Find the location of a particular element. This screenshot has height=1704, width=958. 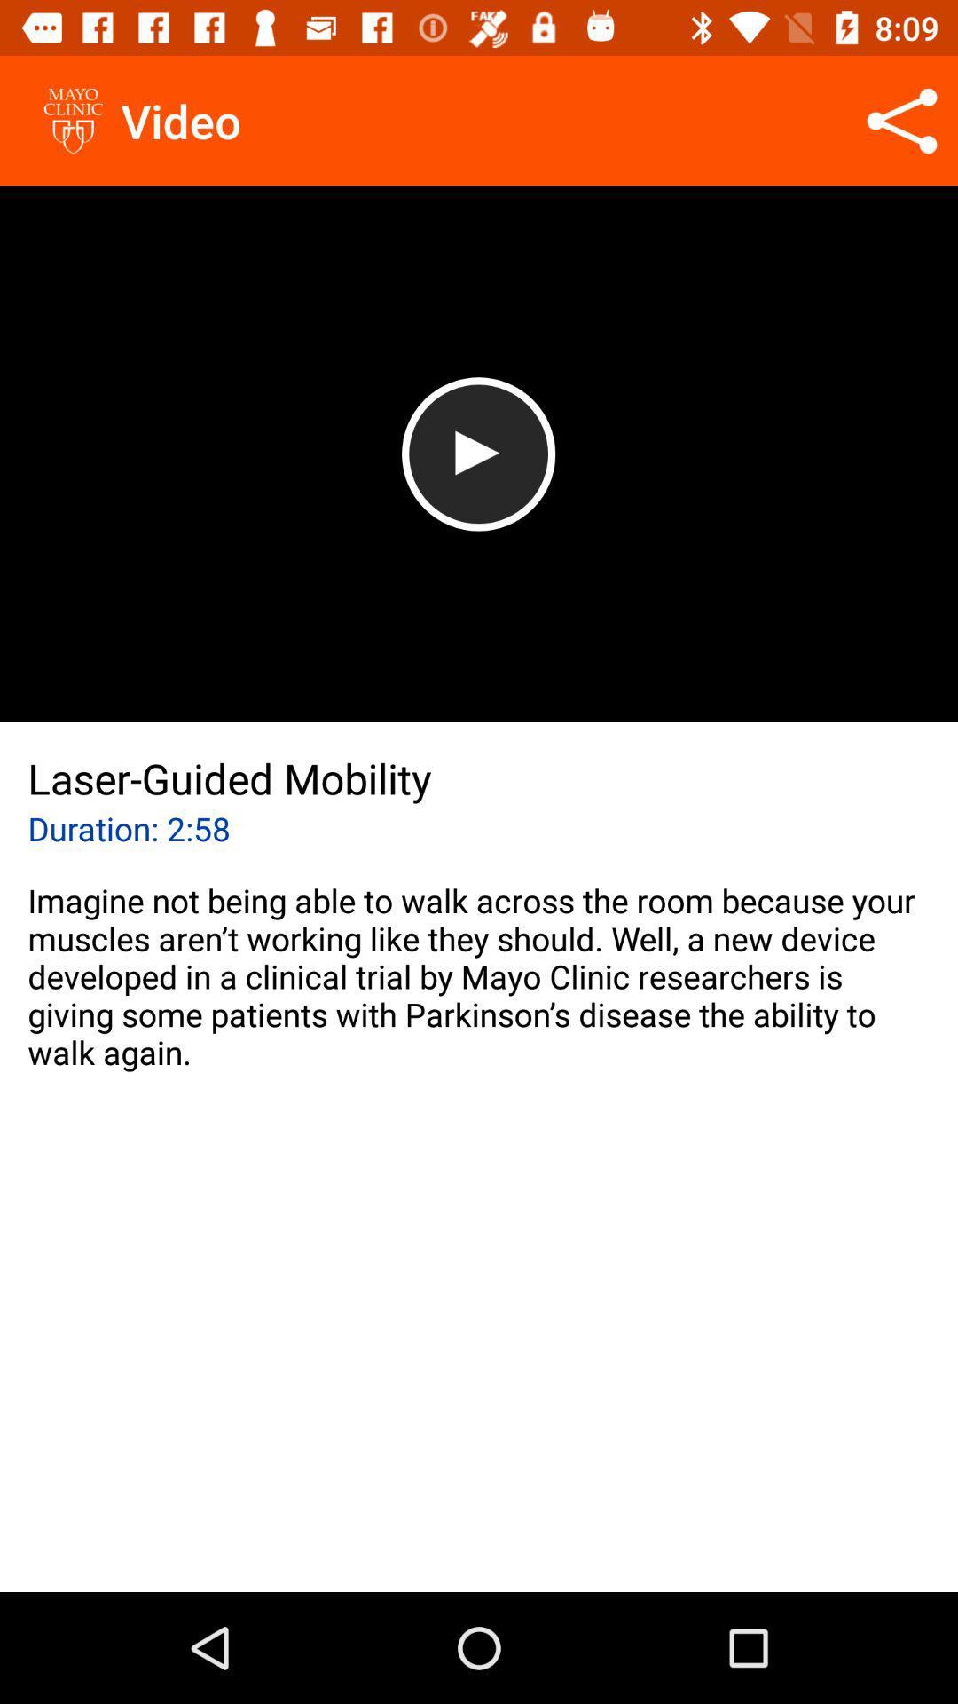

video is located at coordinates (477, 454).